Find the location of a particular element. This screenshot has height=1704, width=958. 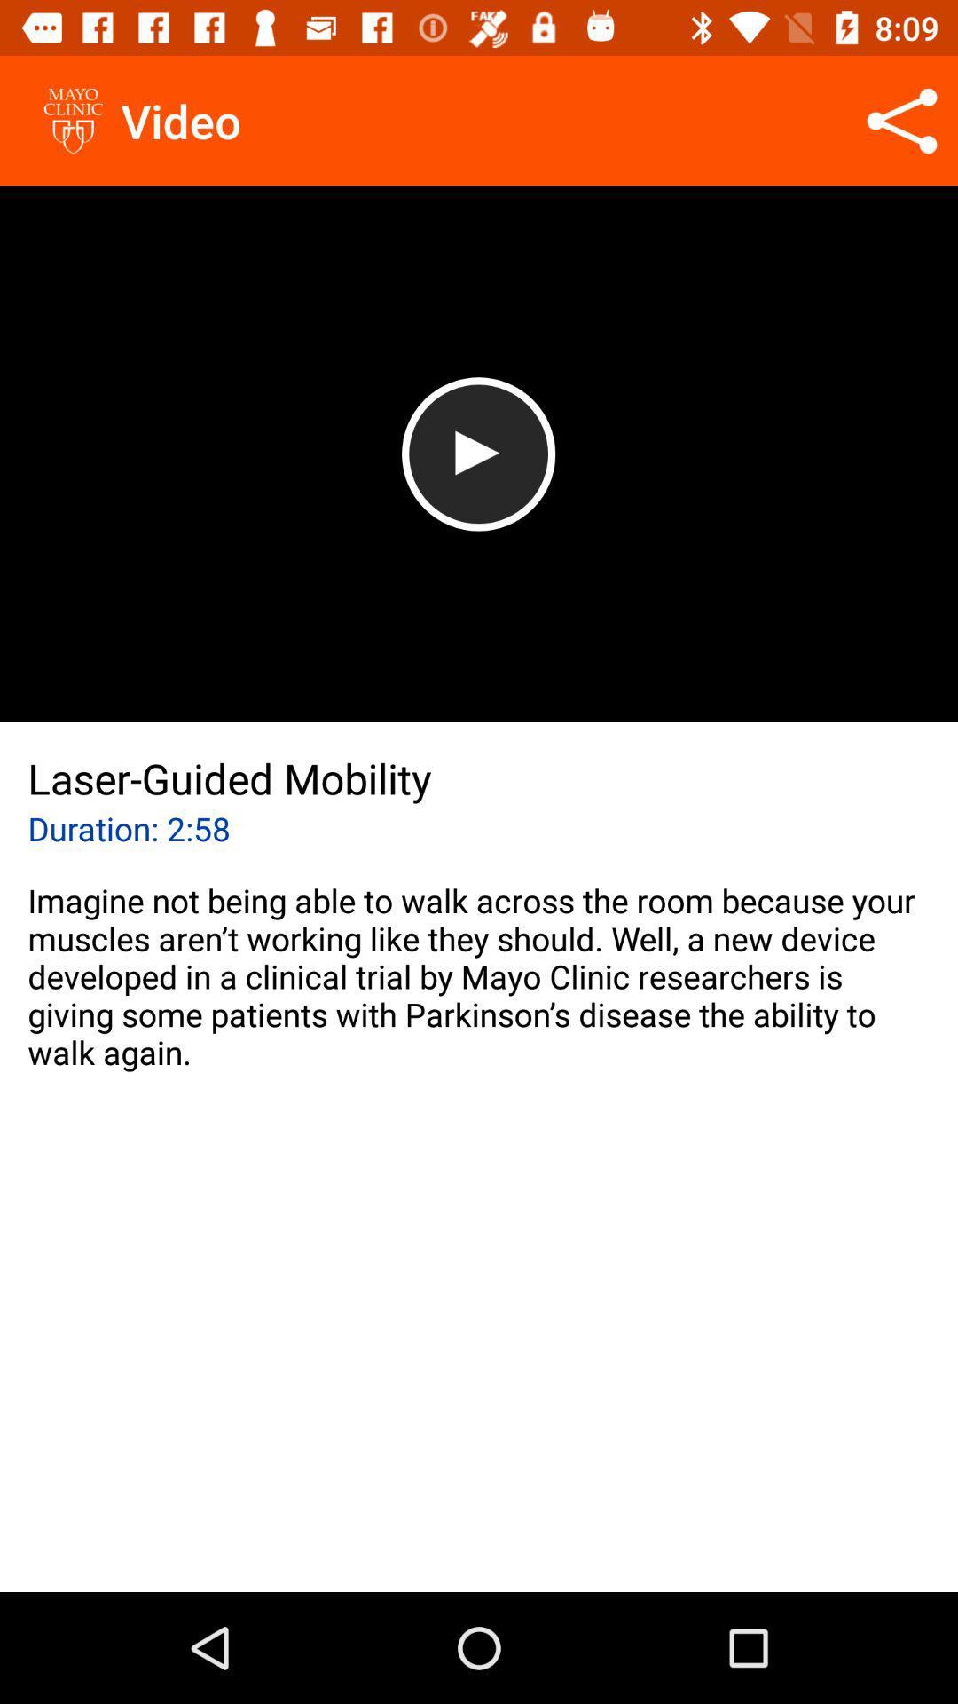

video is located at coordinates (477, 454).